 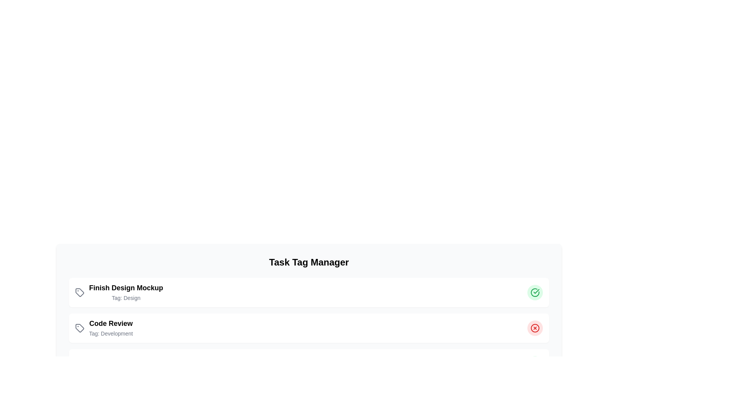 I want to click on the 'Code Review' task item, so click(x=103, y=328).